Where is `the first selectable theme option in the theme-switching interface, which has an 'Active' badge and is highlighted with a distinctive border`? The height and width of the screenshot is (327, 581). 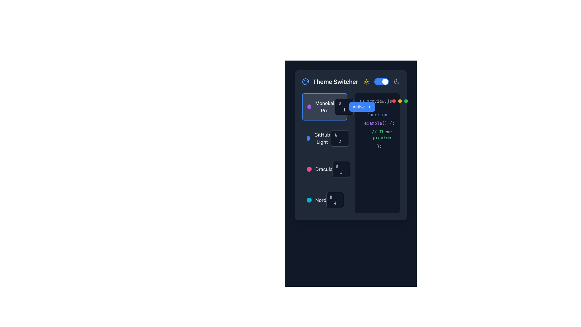
the first selectable theme option in the theme-switching interface, which has an 'Active' badge and is highlighted with a distinctive border is located at coordinates (324, 107).